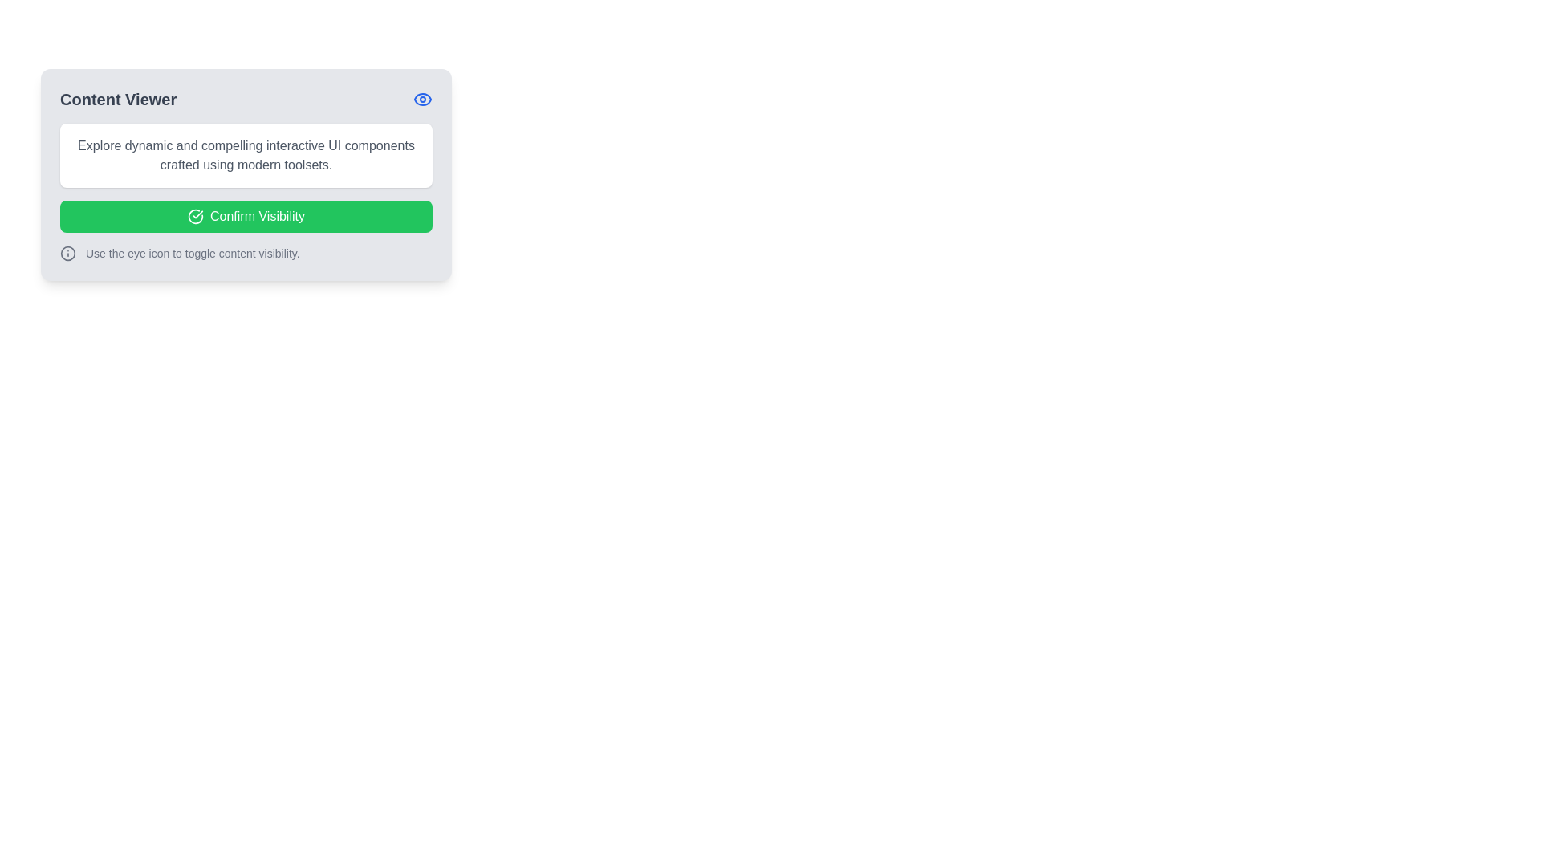 The width and height of the screenshot is (1541, 867). Describe the element at coordinates (246, 155) in the screenshot. I see `the text box located beneath the 'Content Viewer' title and above the 'Confirm Visibility' button` at that location.